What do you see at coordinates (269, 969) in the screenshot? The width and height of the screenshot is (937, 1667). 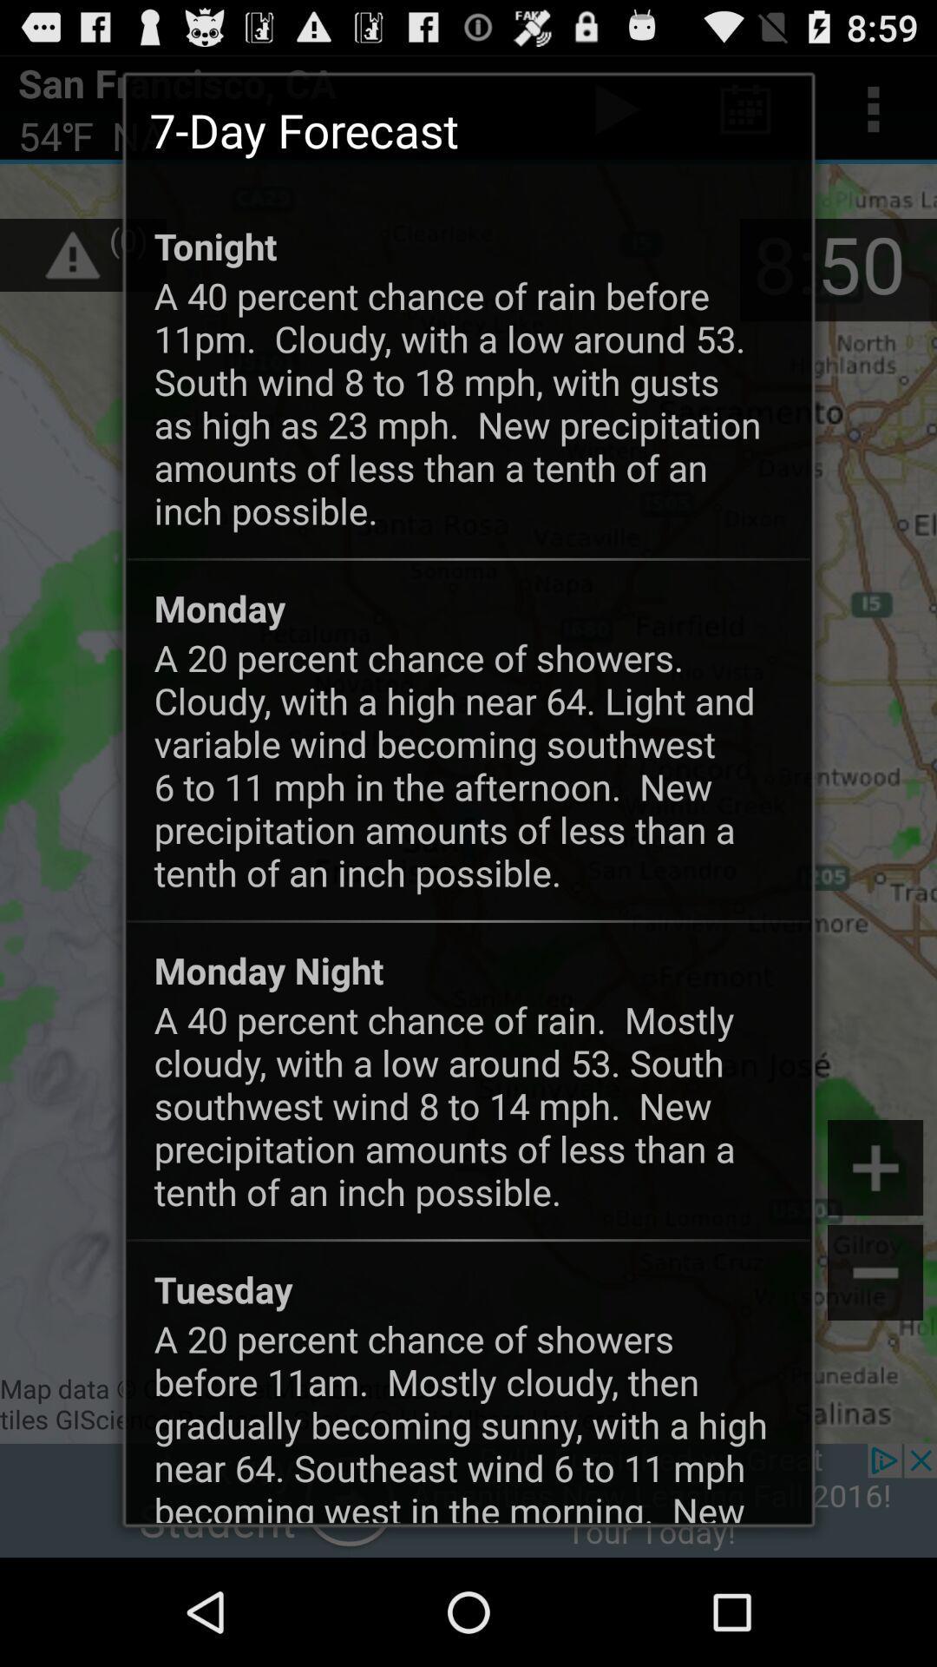 I see `icon above the a 40 percent icon` at bounding box center [269, 969].